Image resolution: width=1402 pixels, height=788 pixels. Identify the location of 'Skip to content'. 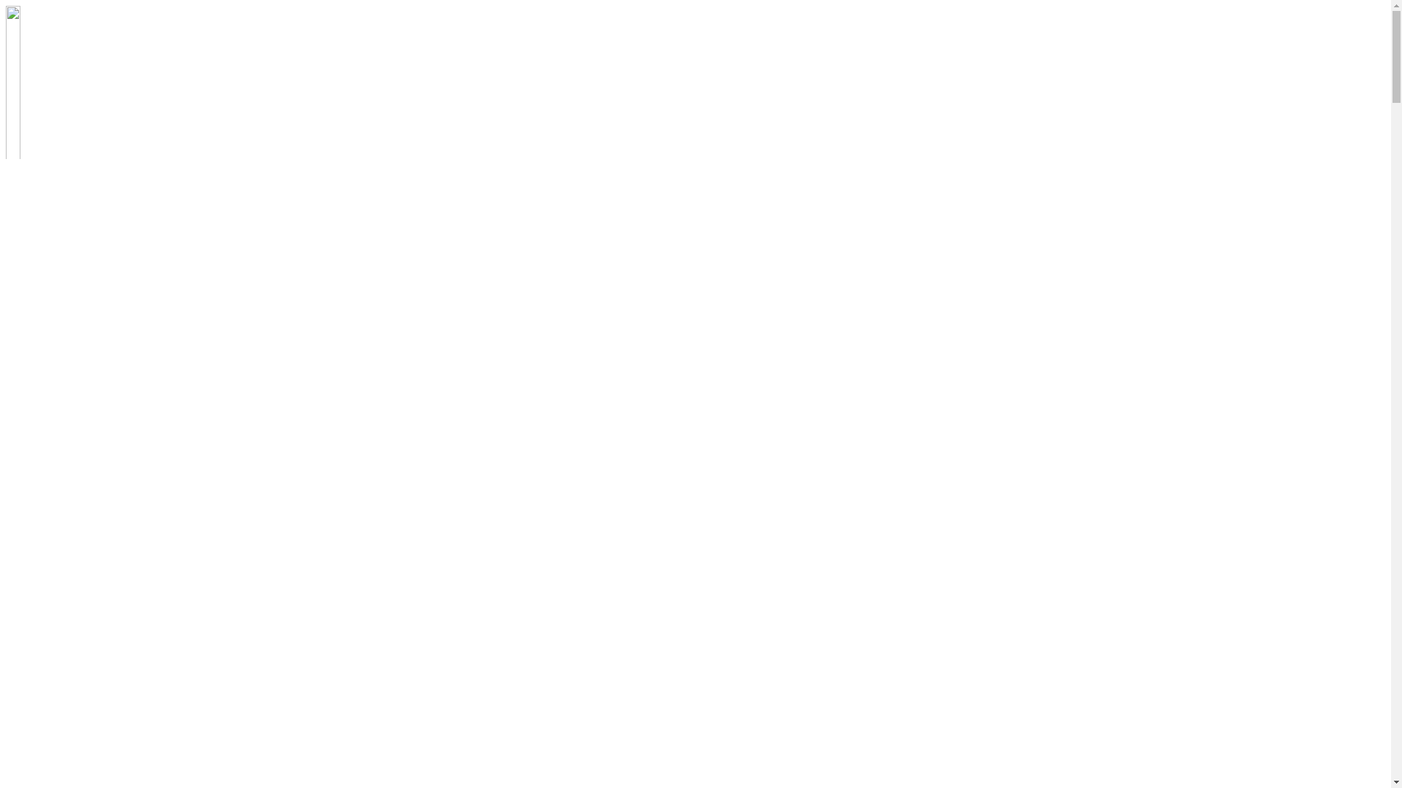
(5, 5).